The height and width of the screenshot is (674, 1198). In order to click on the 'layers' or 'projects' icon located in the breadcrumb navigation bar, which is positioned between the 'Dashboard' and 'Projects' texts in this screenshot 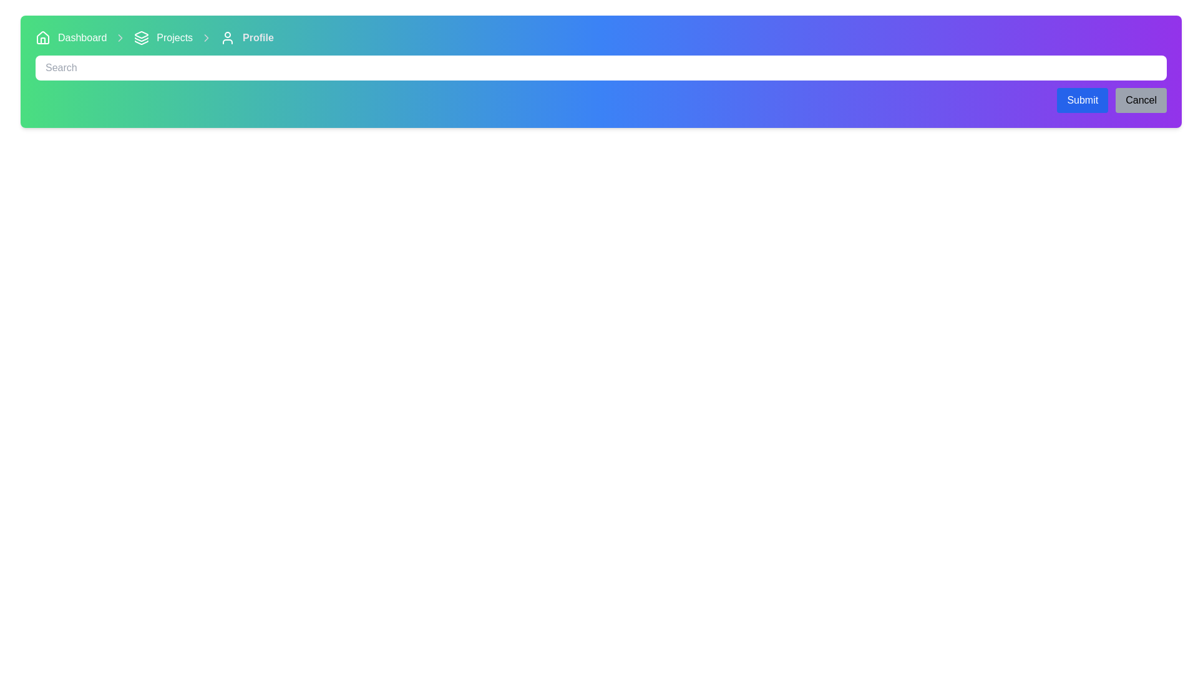, I will do `click(142, 37)`.